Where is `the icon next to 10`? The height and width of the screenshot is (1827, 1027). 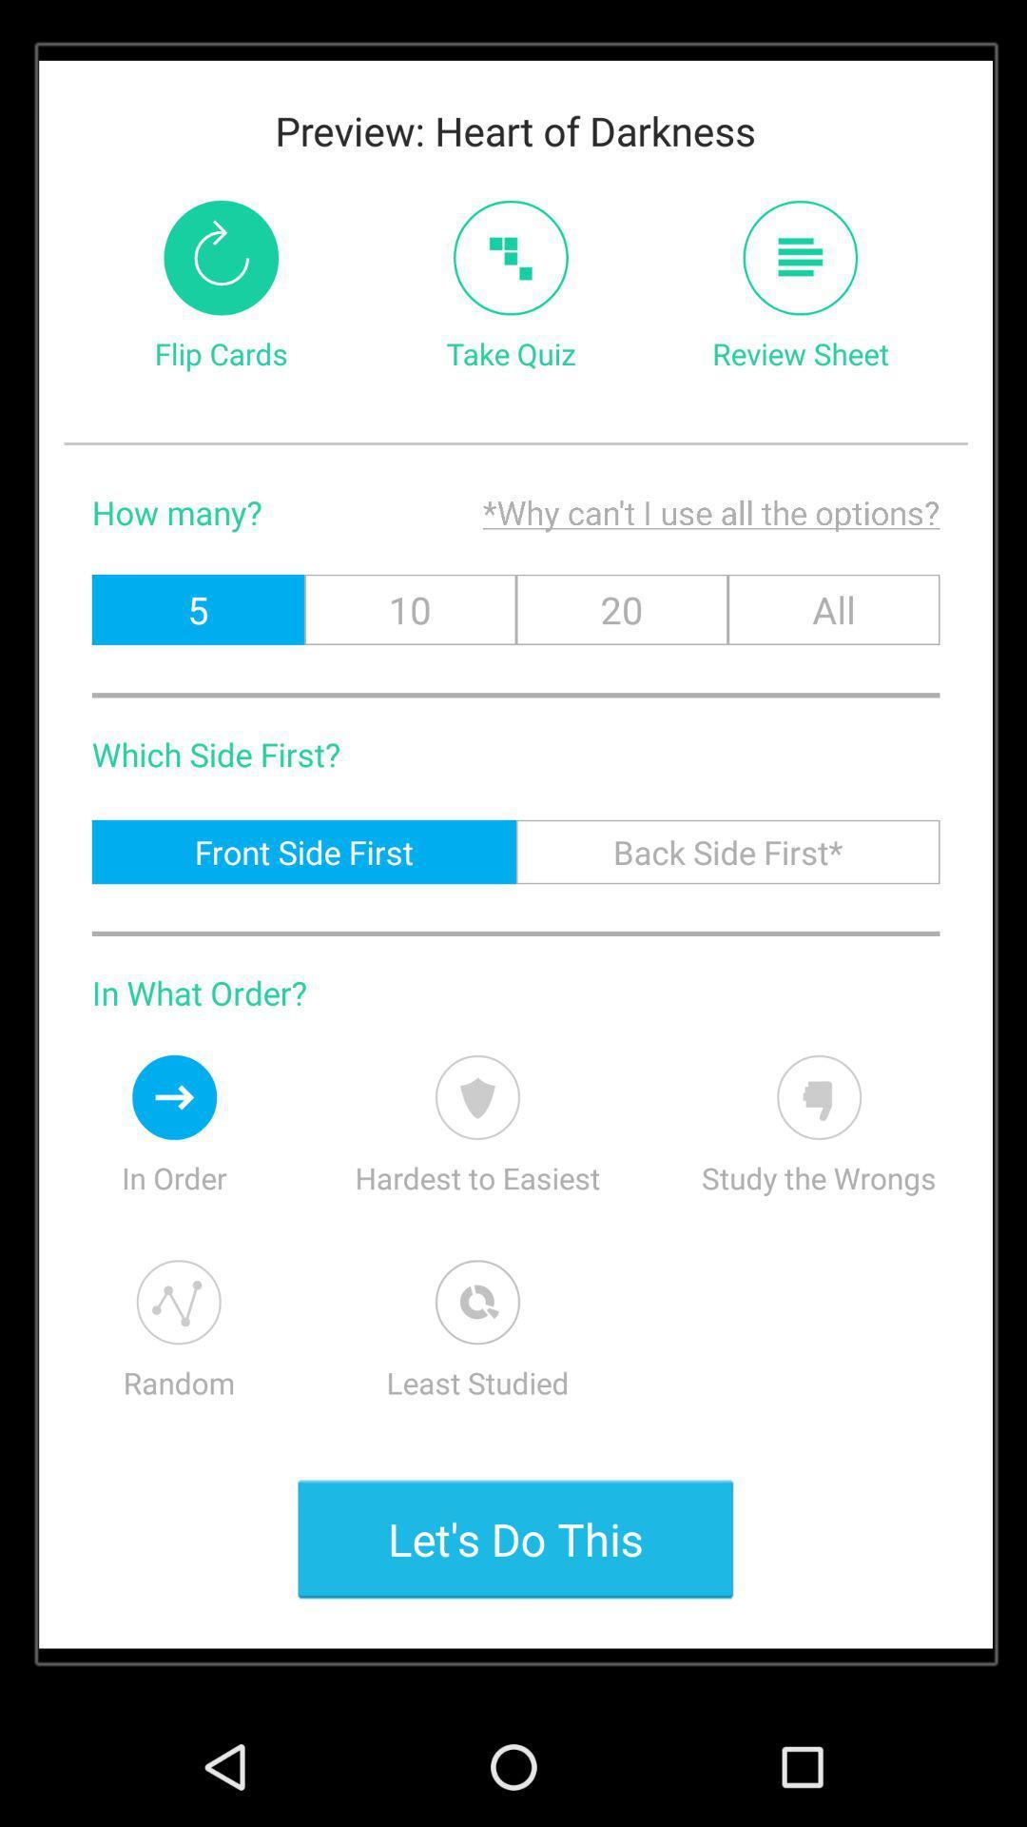
the icon next to 10 is located at coordinates (198, 609).